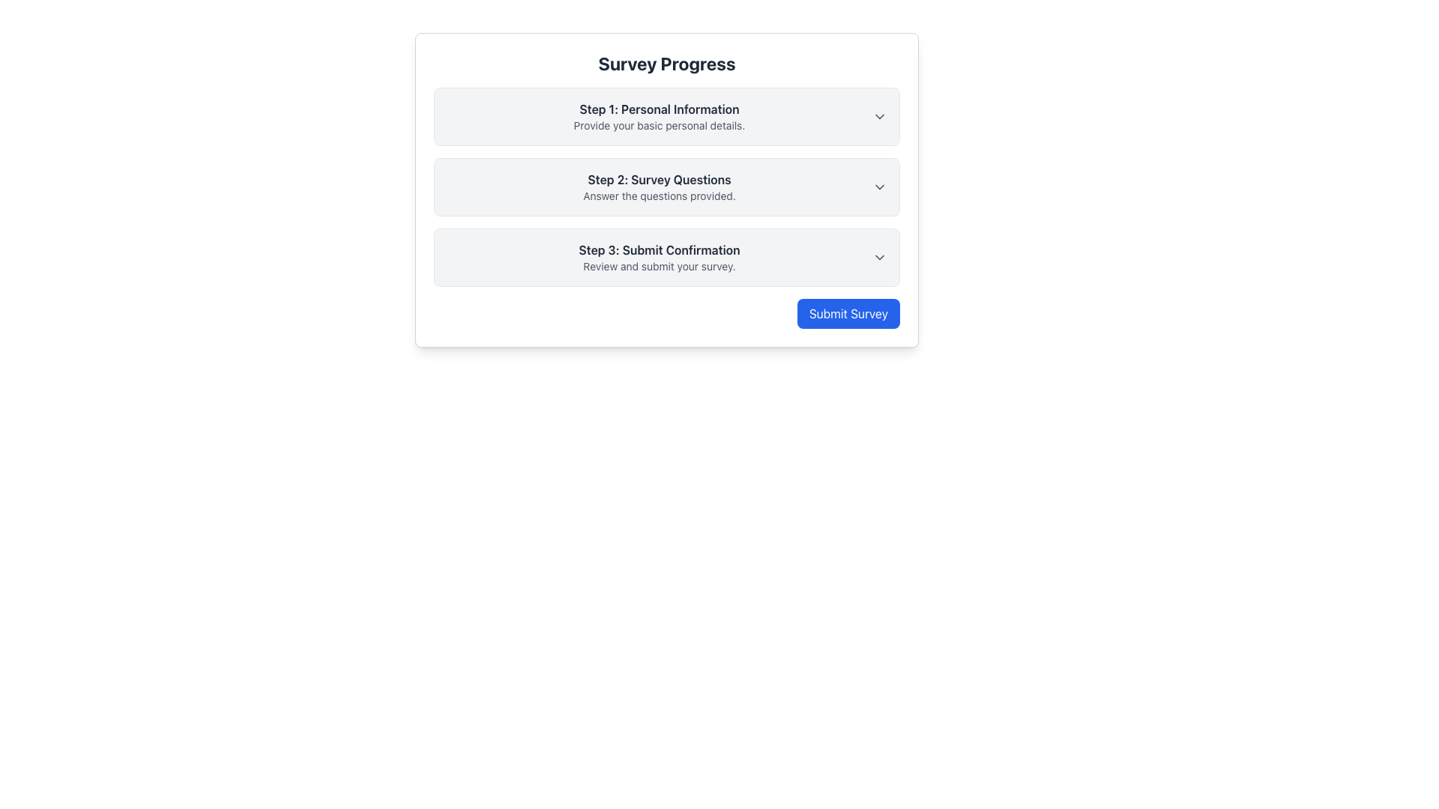 The width and height of the screenshot is (1439, 809). What do you see at coordinates (666, 187) in the screenshot?
I see `the Dropdown Header for 'Step 2: Survey Questions'` at bounding box center [666, 187].